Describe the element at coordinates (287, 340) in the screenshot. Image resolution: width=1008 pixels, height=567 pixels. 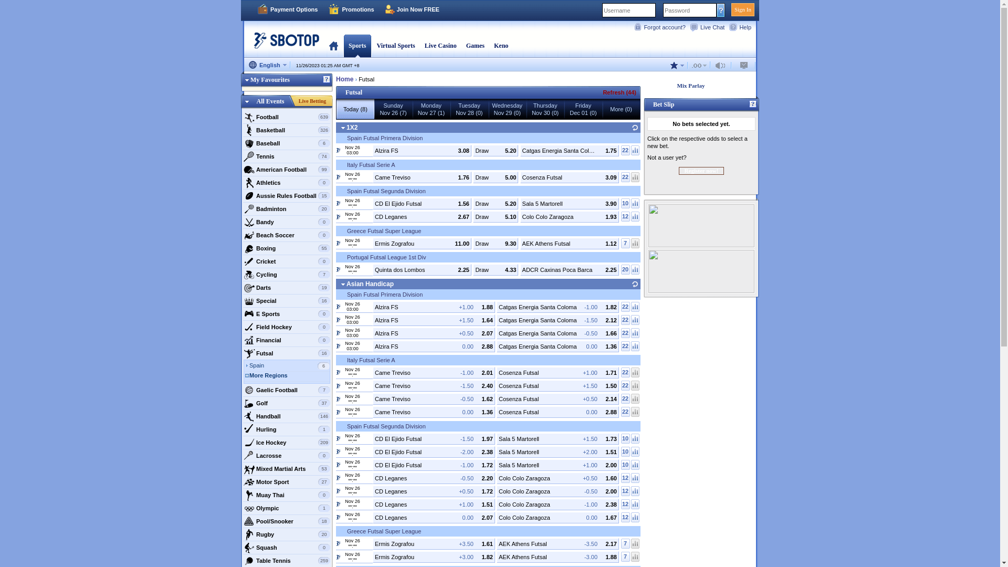
I see `'Financial` at that location.